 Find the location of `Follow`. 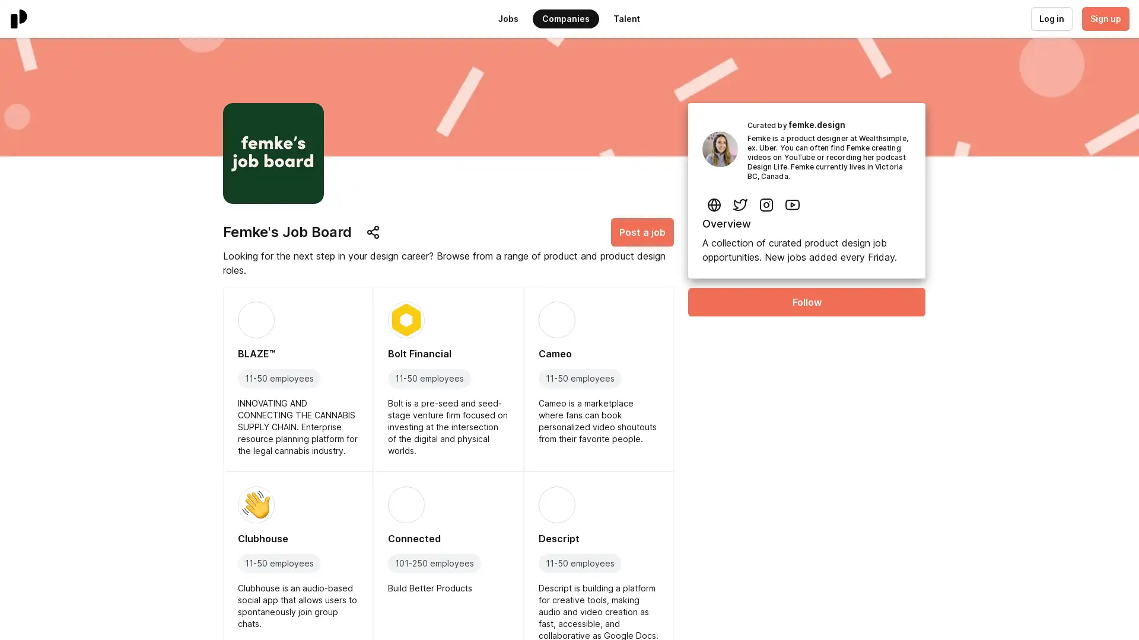

Follow is located at coordinates (806, 301).